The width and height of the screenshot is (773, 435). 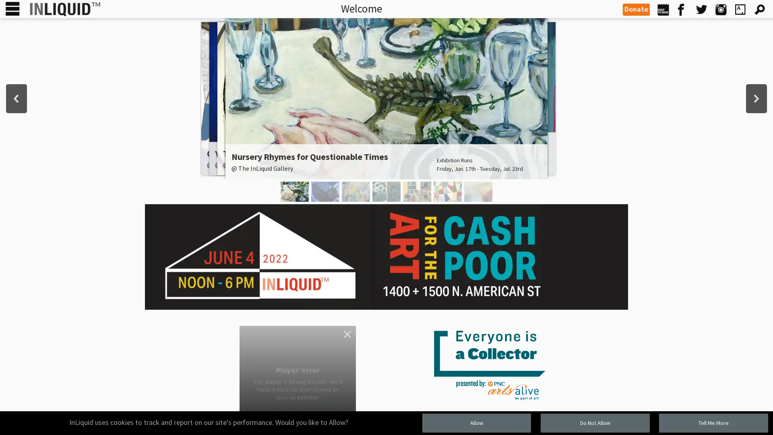 What do you see at coordinates (294, 191) in the screenshot?
I see `Nursery Rhymes for Questionable Times` at bounding box center [294, 191].